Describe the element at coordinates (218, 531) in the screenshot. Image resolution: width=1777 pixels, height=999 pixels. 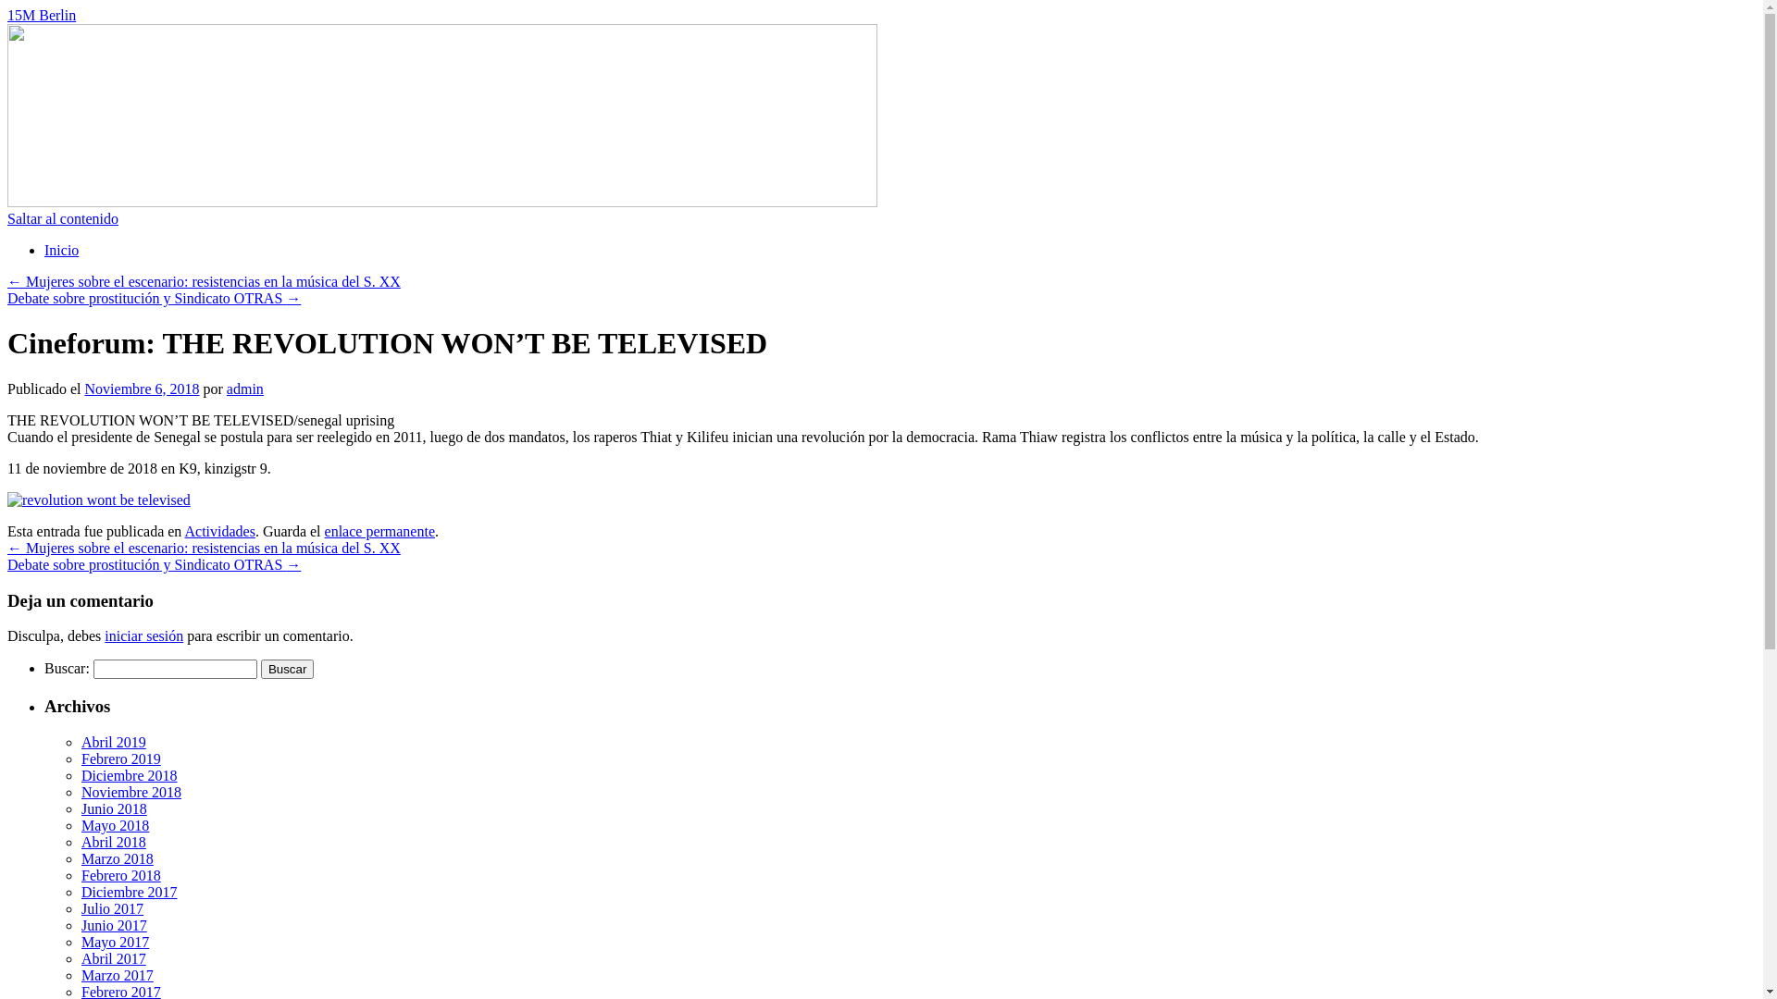
I see `'Actividades'` at that location.